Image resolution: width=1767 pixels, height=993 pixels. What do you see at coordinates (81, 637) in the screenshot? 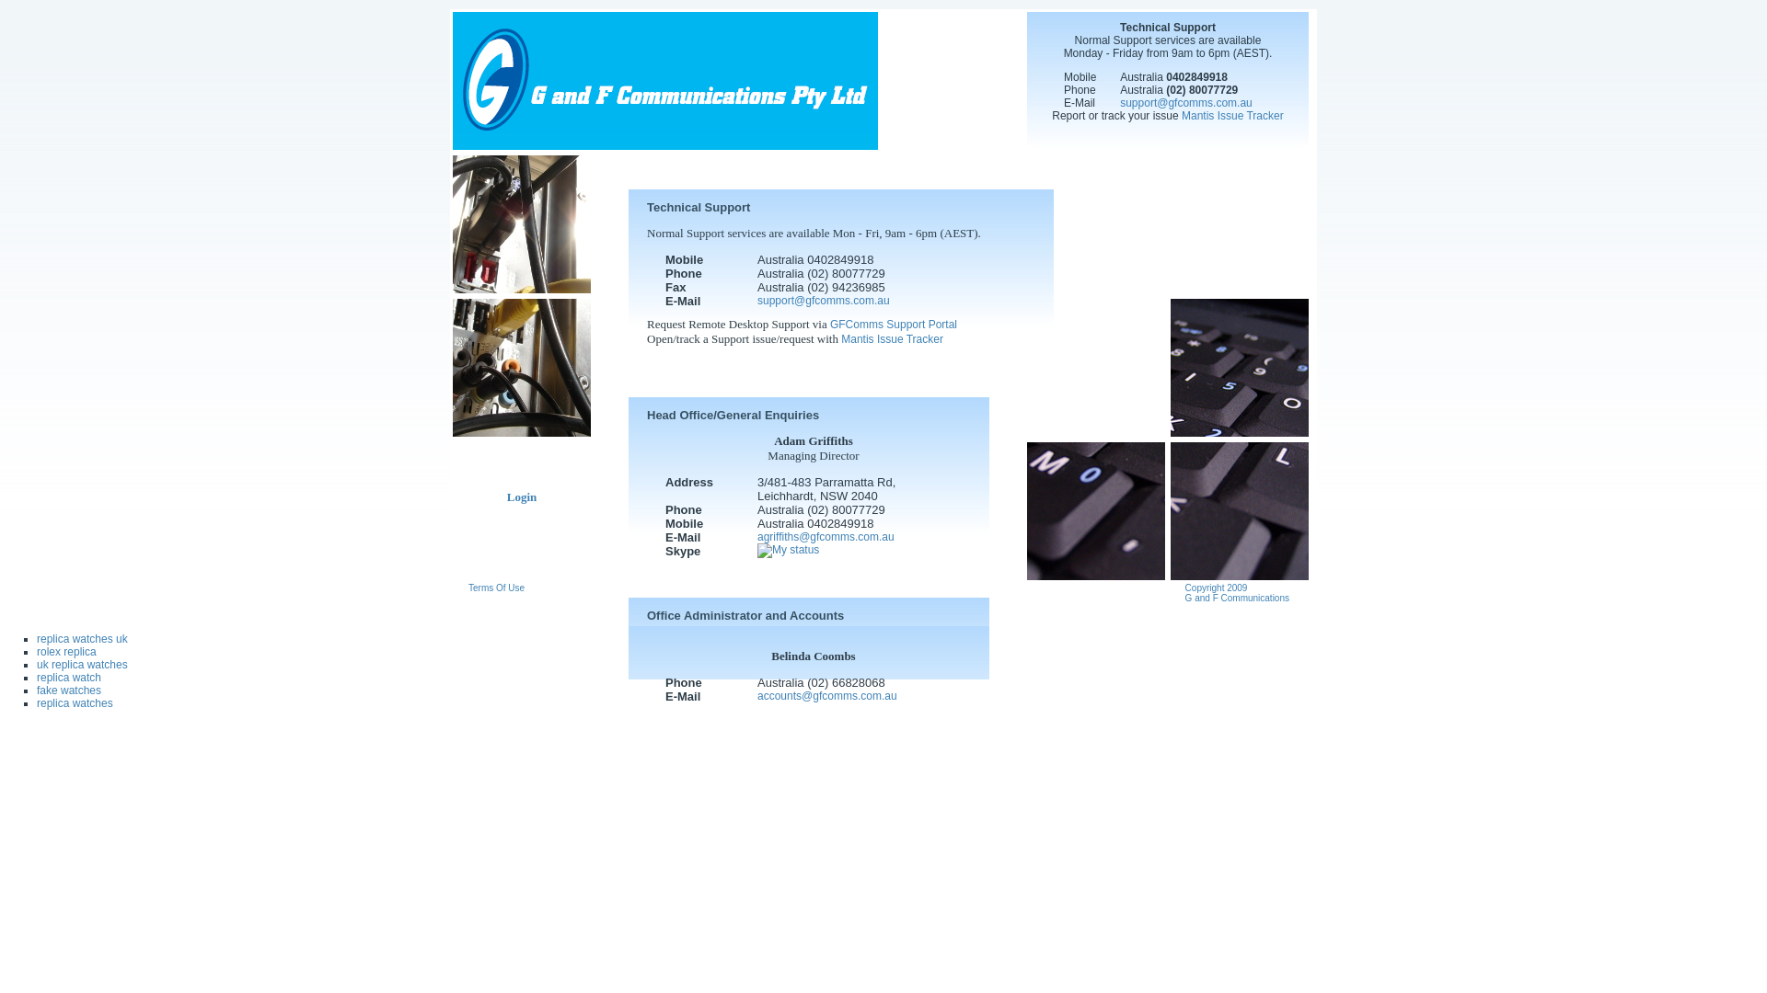
I see `'replica watches uk'` at bounding box center [81, 637].